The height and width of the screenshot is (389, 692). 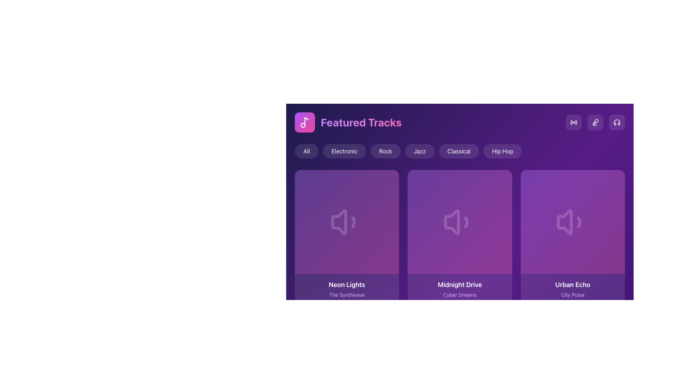 What do you see at coordinates (572, 289) in the screenshot?
I see `the 'Urban Echo' text block element which is located in the bottom section of the card layout in the rightmost column` at bounding box center [572, 289].